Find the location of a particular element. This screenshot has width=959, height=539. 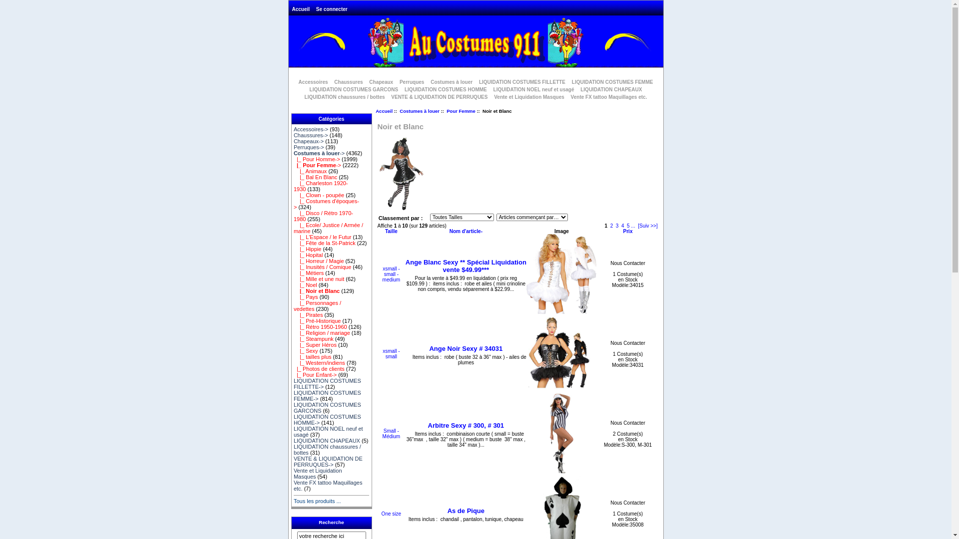

'2' is located at coordinates (611, 226).